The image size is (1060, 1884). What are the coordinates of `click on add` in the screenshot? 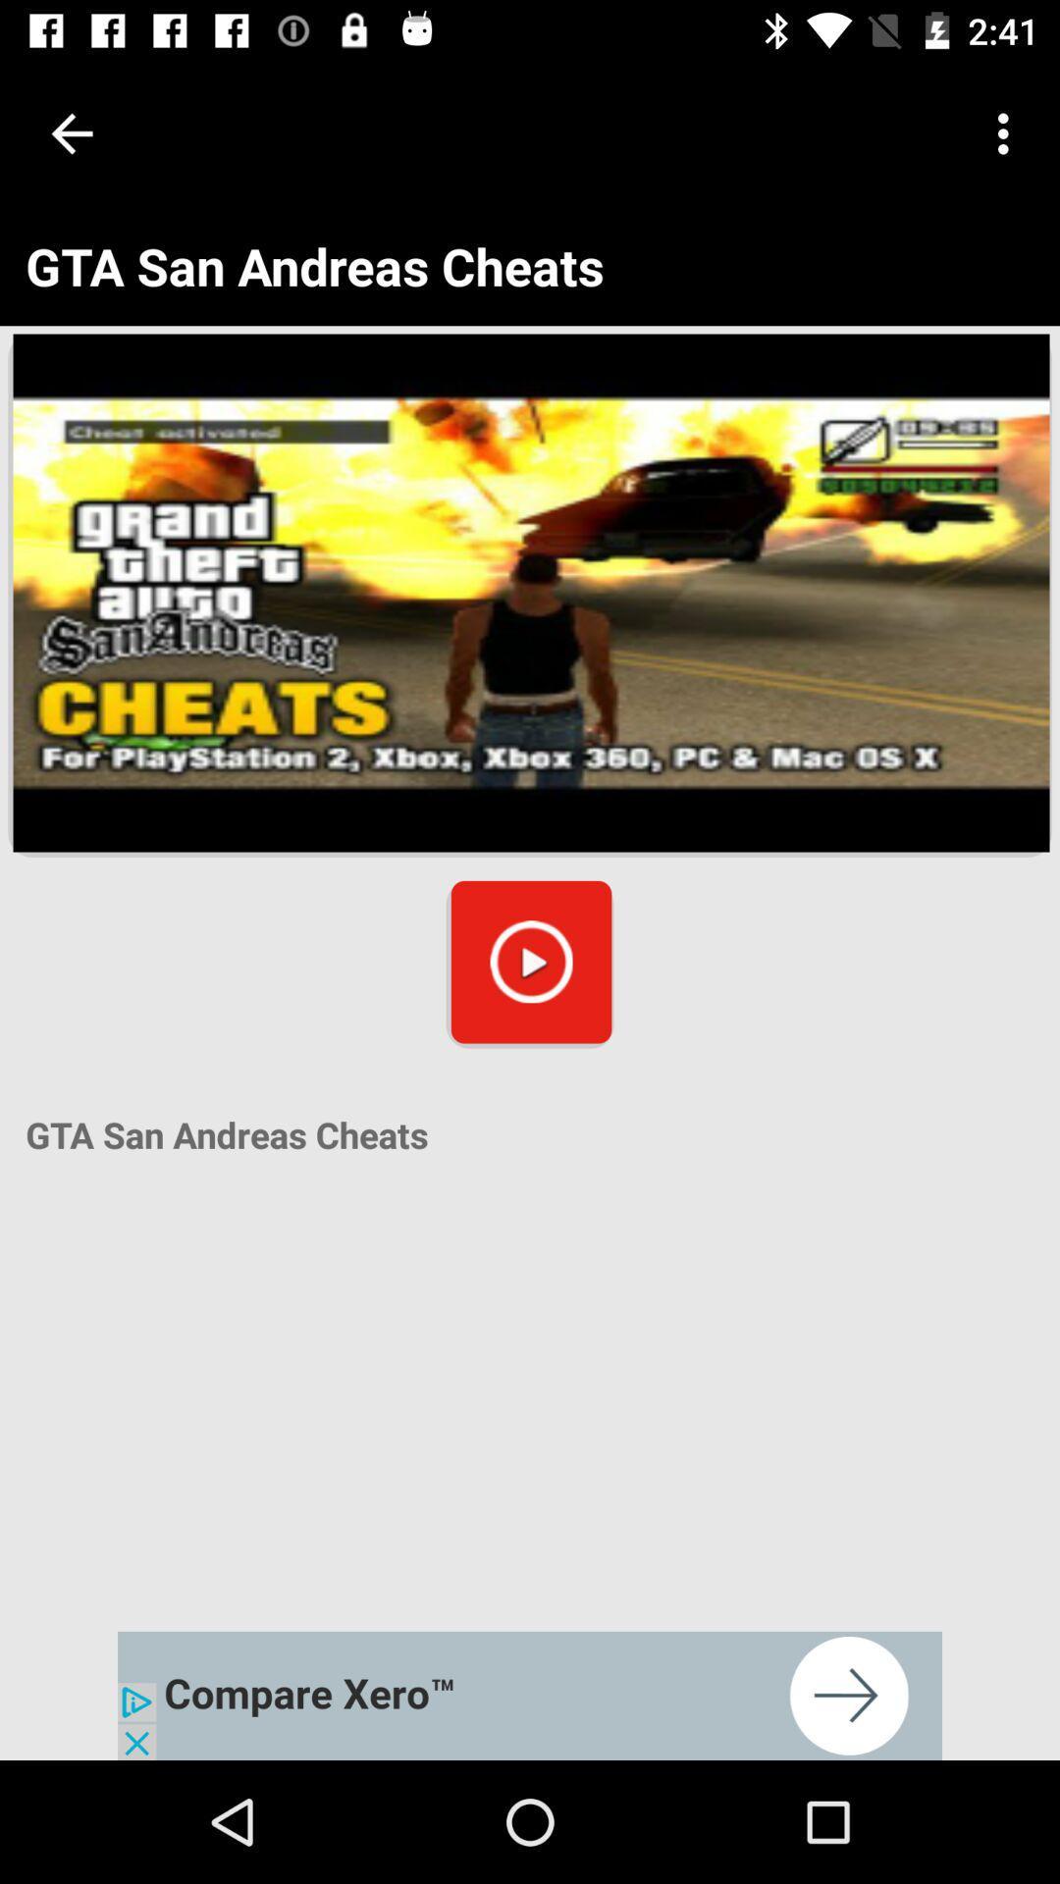 It's located at (530, 1695).